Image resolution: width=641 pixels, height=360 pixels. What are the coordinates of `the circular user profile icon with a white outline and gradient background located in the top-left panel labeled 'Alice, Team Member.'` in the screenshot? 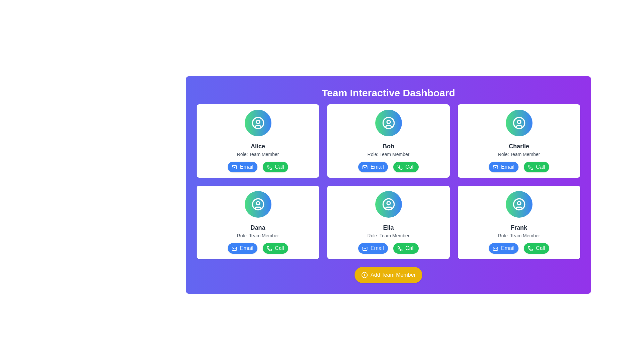 It's located at (257, 123).